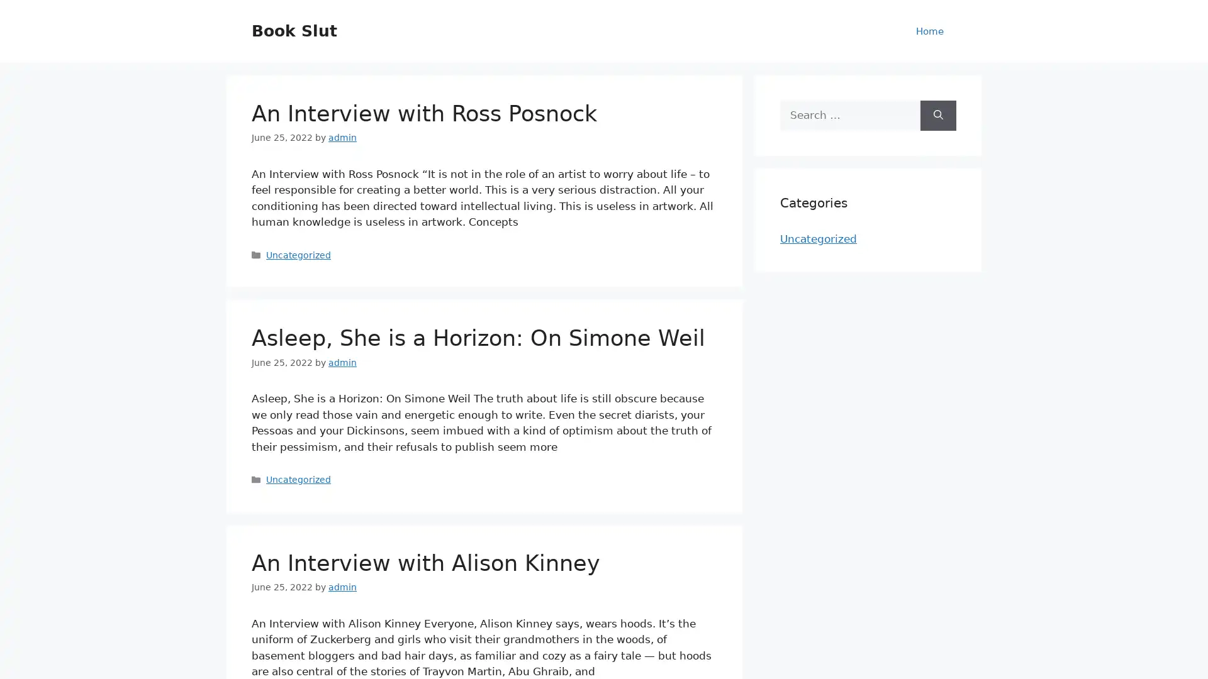 Image resolution: width=1208 pixels, height=679 pixels. Describe the element at coordinates (938, 115) in the screenshot. I see `Search` at that location.